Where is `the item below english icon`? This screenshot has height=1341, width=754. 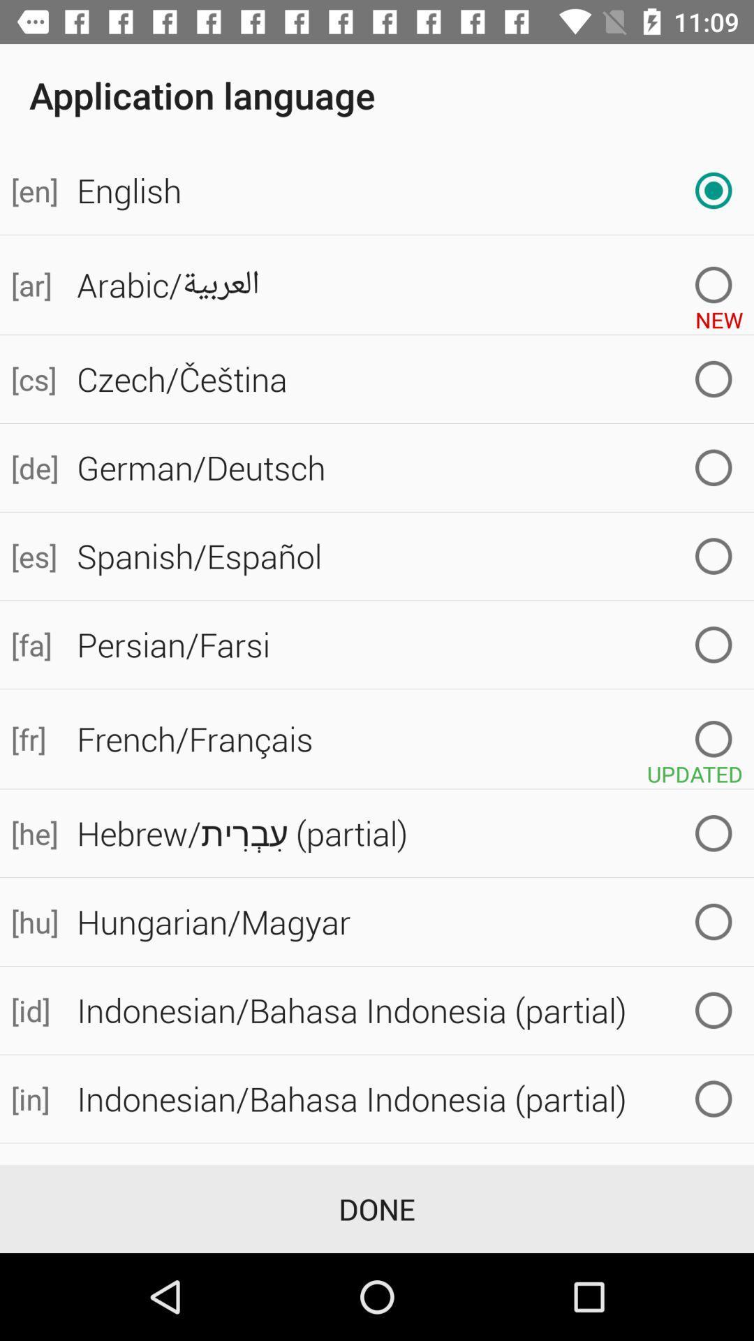
the item below english icon is located at coordinates (32, 284).